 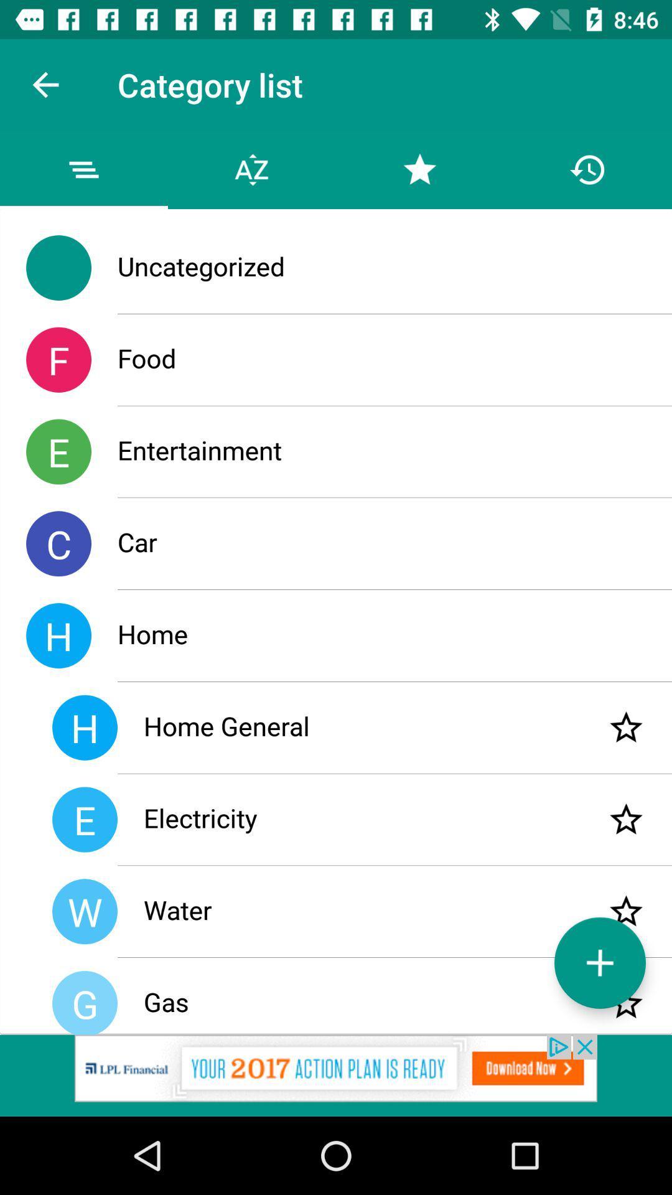 What do you see at coordinates (626, 819) in the screenshot?
I see `category` at bounding box center [626, 819].